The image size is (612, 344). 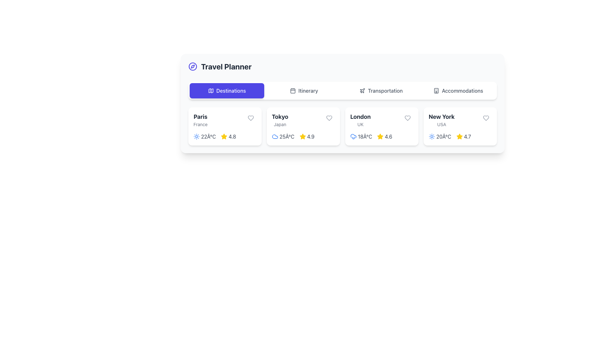 I want to click on the 'Itinerary' label in the navigation bar, which is the second interactive element, positioned between 'Destinations' and 'Transportation', so click(x=308, y=91).